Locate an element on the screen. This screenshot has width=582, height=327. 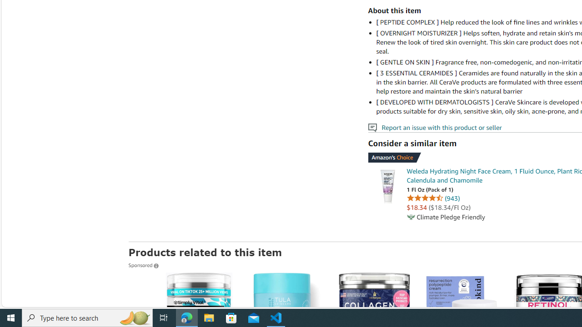
'Climate Pledge Friendly' is located at coordinates (410, 217).